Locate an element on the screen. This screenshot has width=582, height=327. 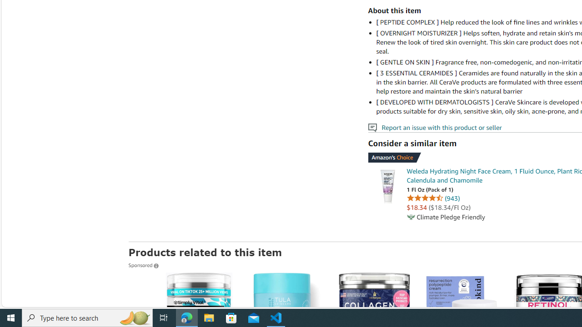
'Climate Pledge Friendly' is located at coordinates (410, 217).